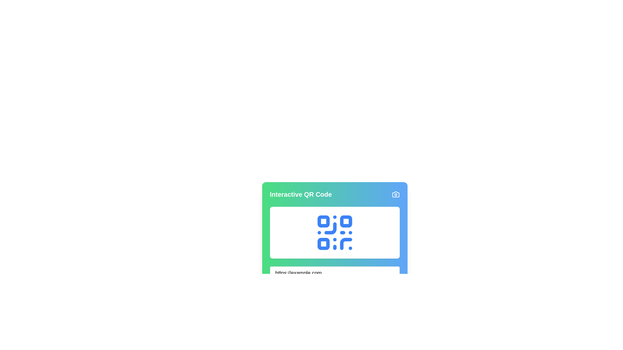 Image resolution: width=623 pixels, height=350 pixels. Describe the element at coordinates (395, 194) in the screenshot. I see `the camera icon located in the top-right corner of the 'Interactive QR Code' card, which features a white outlined design with a rectangular body and circular lens` at that location.